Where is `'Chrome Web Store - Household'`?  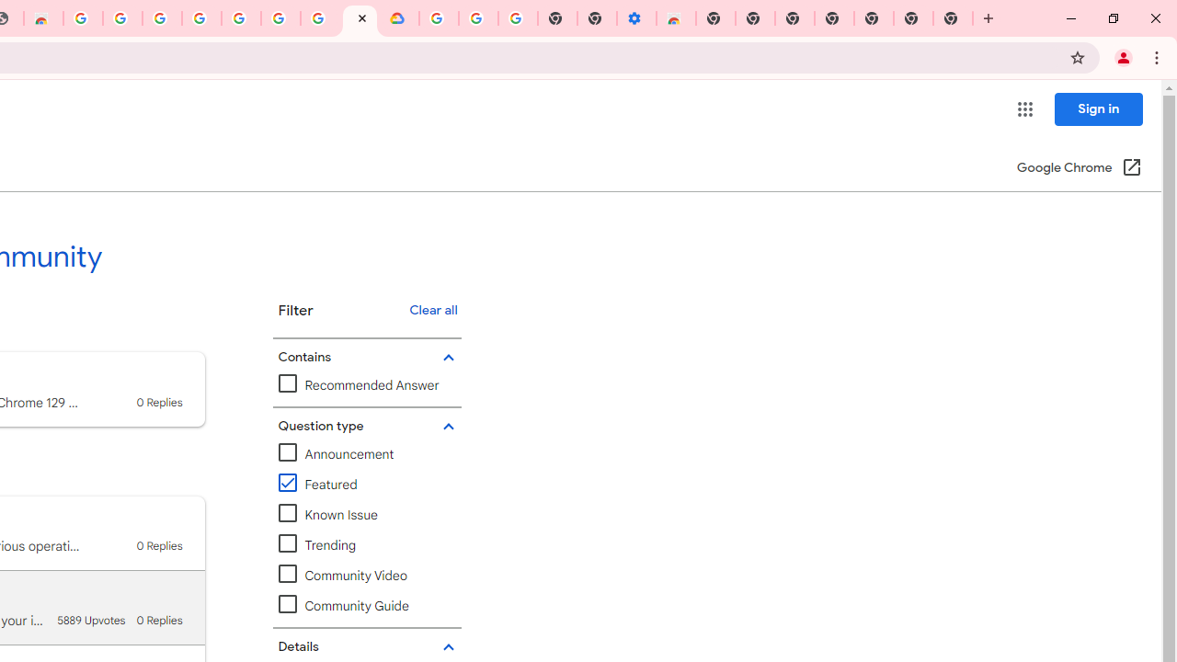
'Chrome Web Store - Household' is located at coordinates (43, 18).